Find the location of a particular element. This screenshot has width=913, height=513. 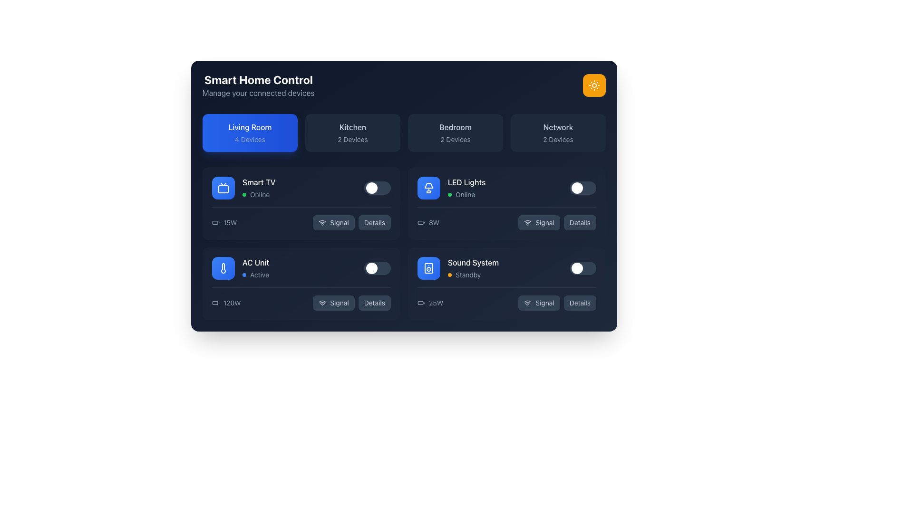

the button that accesses signal-related information for the 'LED Lights' device, located in the middle-right area of the interface is located at coordinates (557, 223).